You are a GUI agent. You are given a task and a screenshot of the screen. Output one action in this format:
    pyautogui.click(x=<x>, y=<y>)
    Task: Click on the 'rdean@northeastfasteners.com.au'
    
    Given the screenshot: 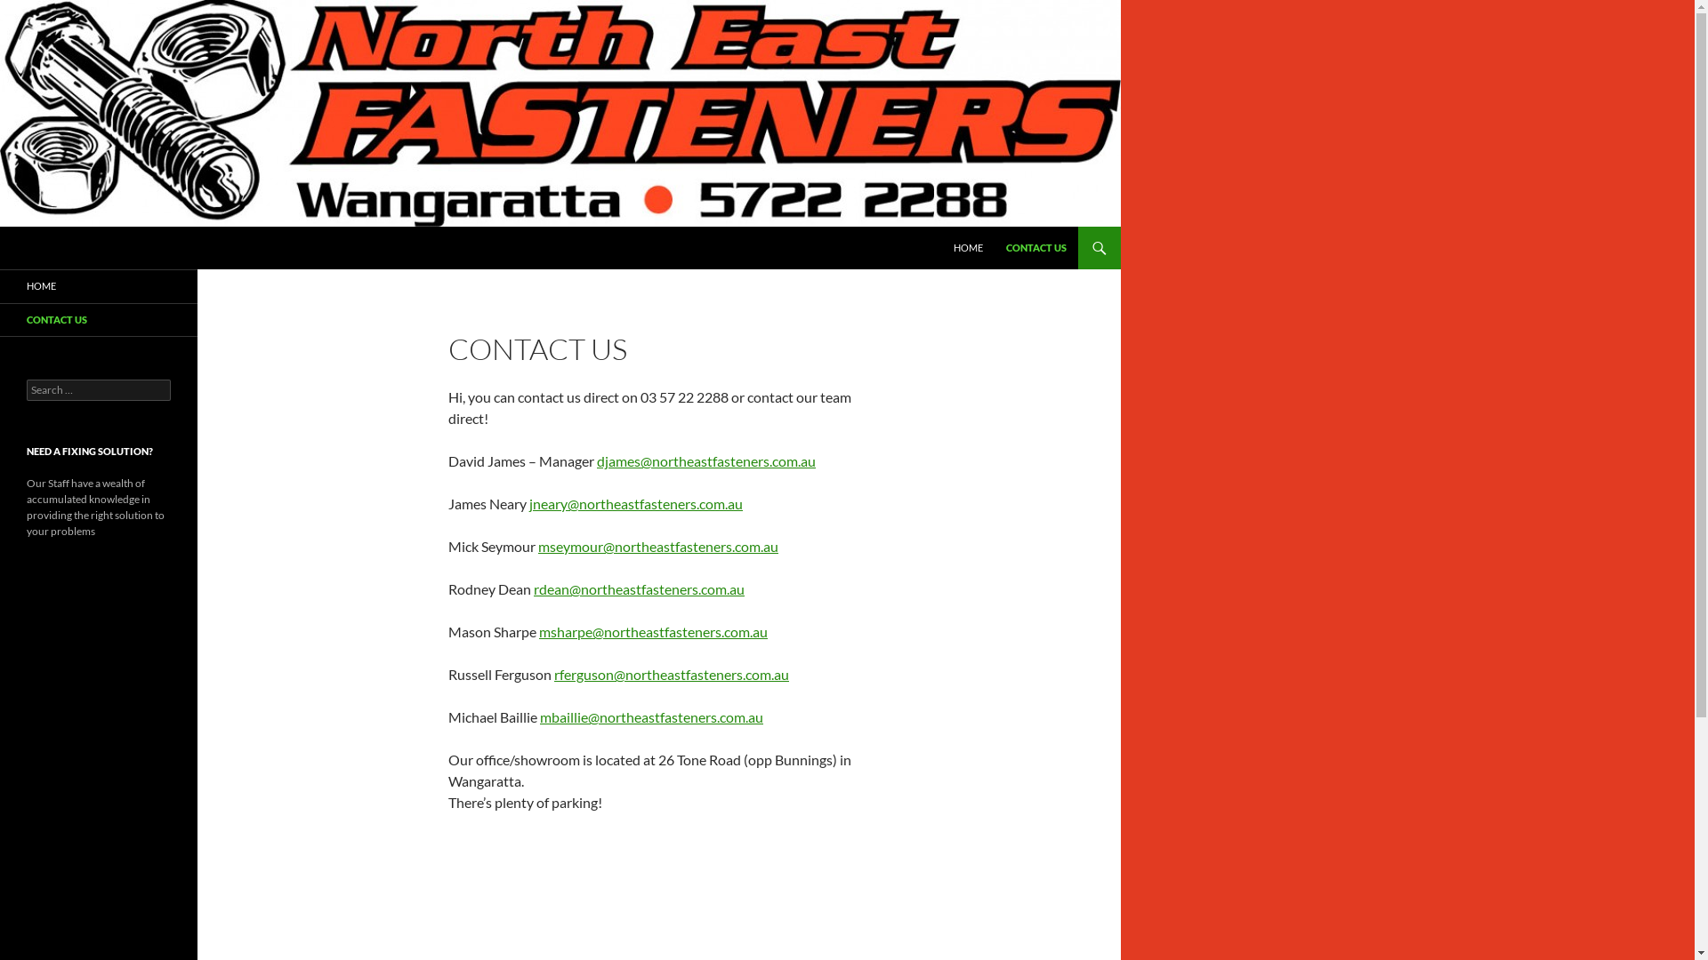 What is the action you would take?
    pyautogui.click(x=639, y=588)
    